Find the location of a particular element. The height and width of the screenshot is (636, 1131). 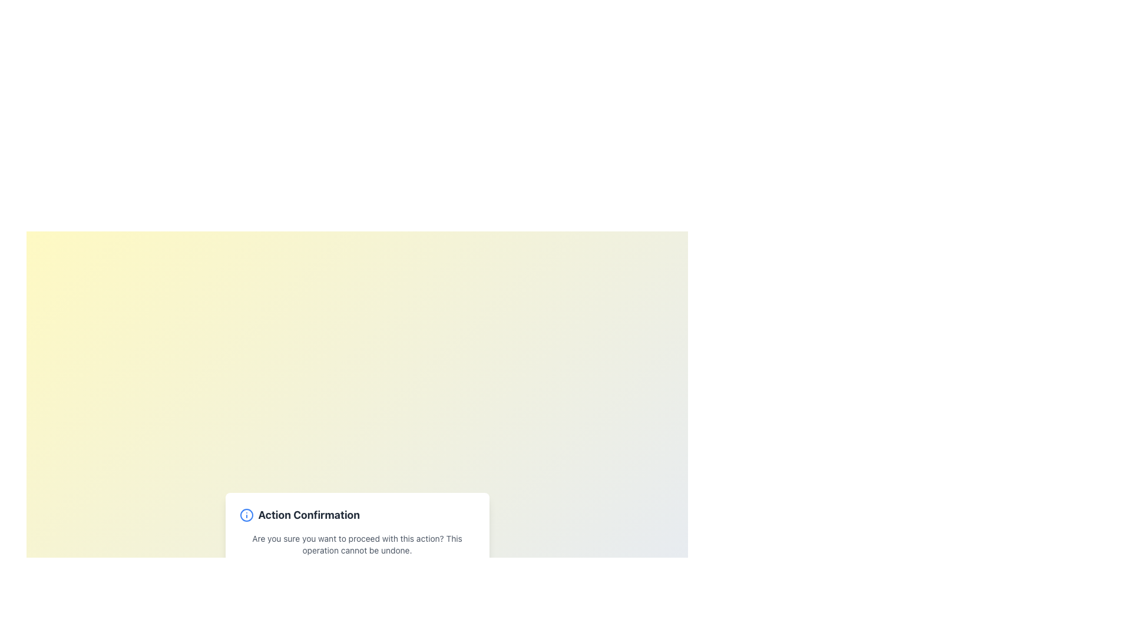

header text that says 'Action Confirmation', which is a bold and large dark gray text located in the center-bottom region of the interface is located at coordinates (309, 515).